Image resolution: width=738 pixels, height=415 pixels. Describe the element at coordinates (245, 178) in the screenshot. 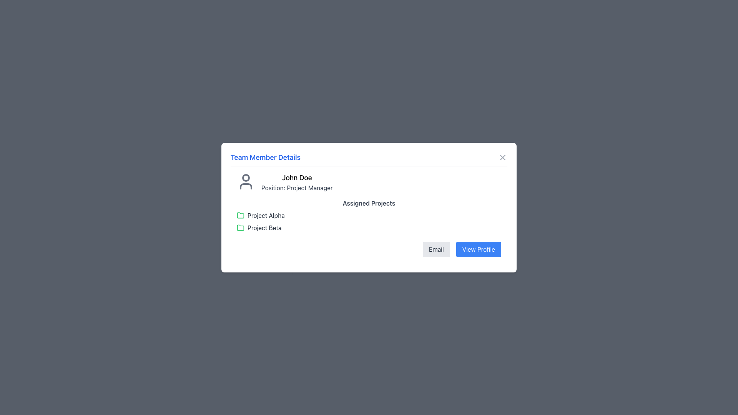

I see `the circular shape that represents the head in the user avatar icon, which is centrally located within the avatar's head icon` at that location.